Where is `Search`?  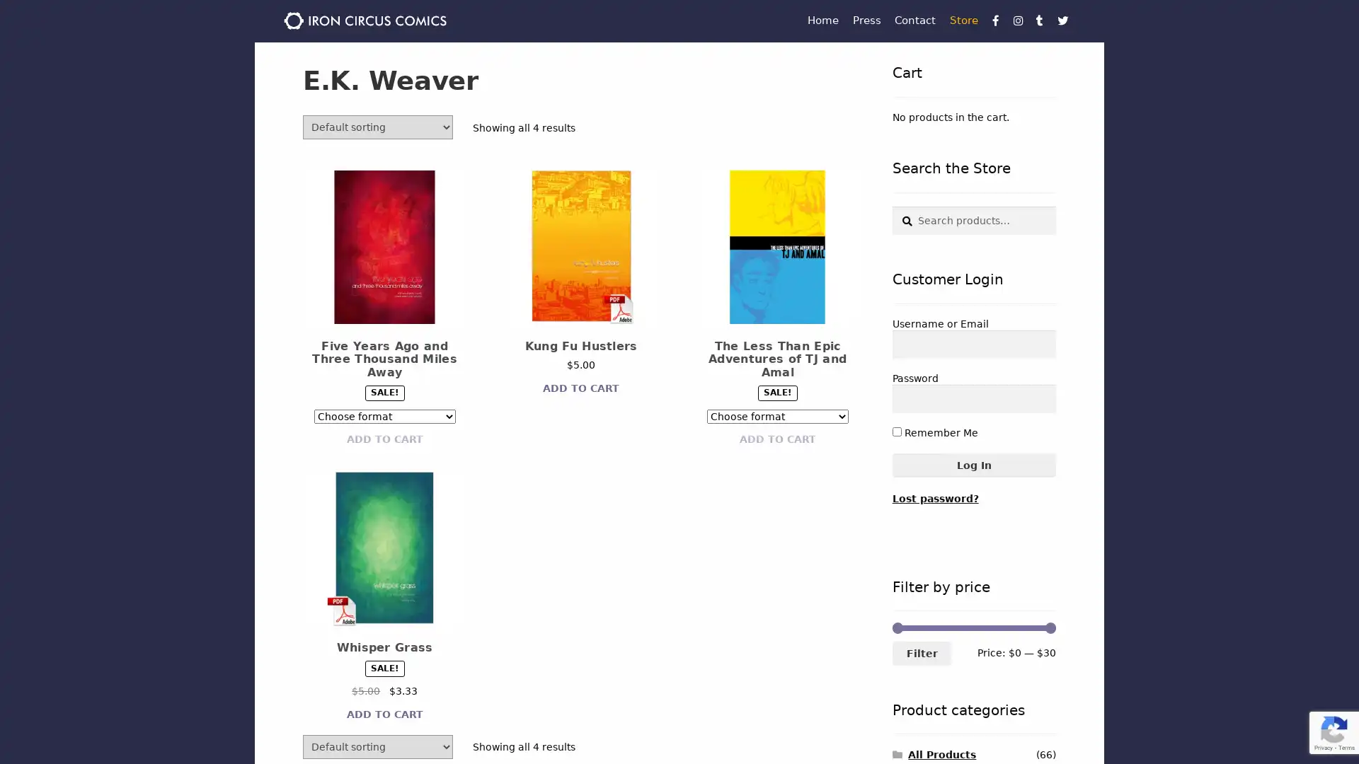 Search is located at coordinates (890, 206).